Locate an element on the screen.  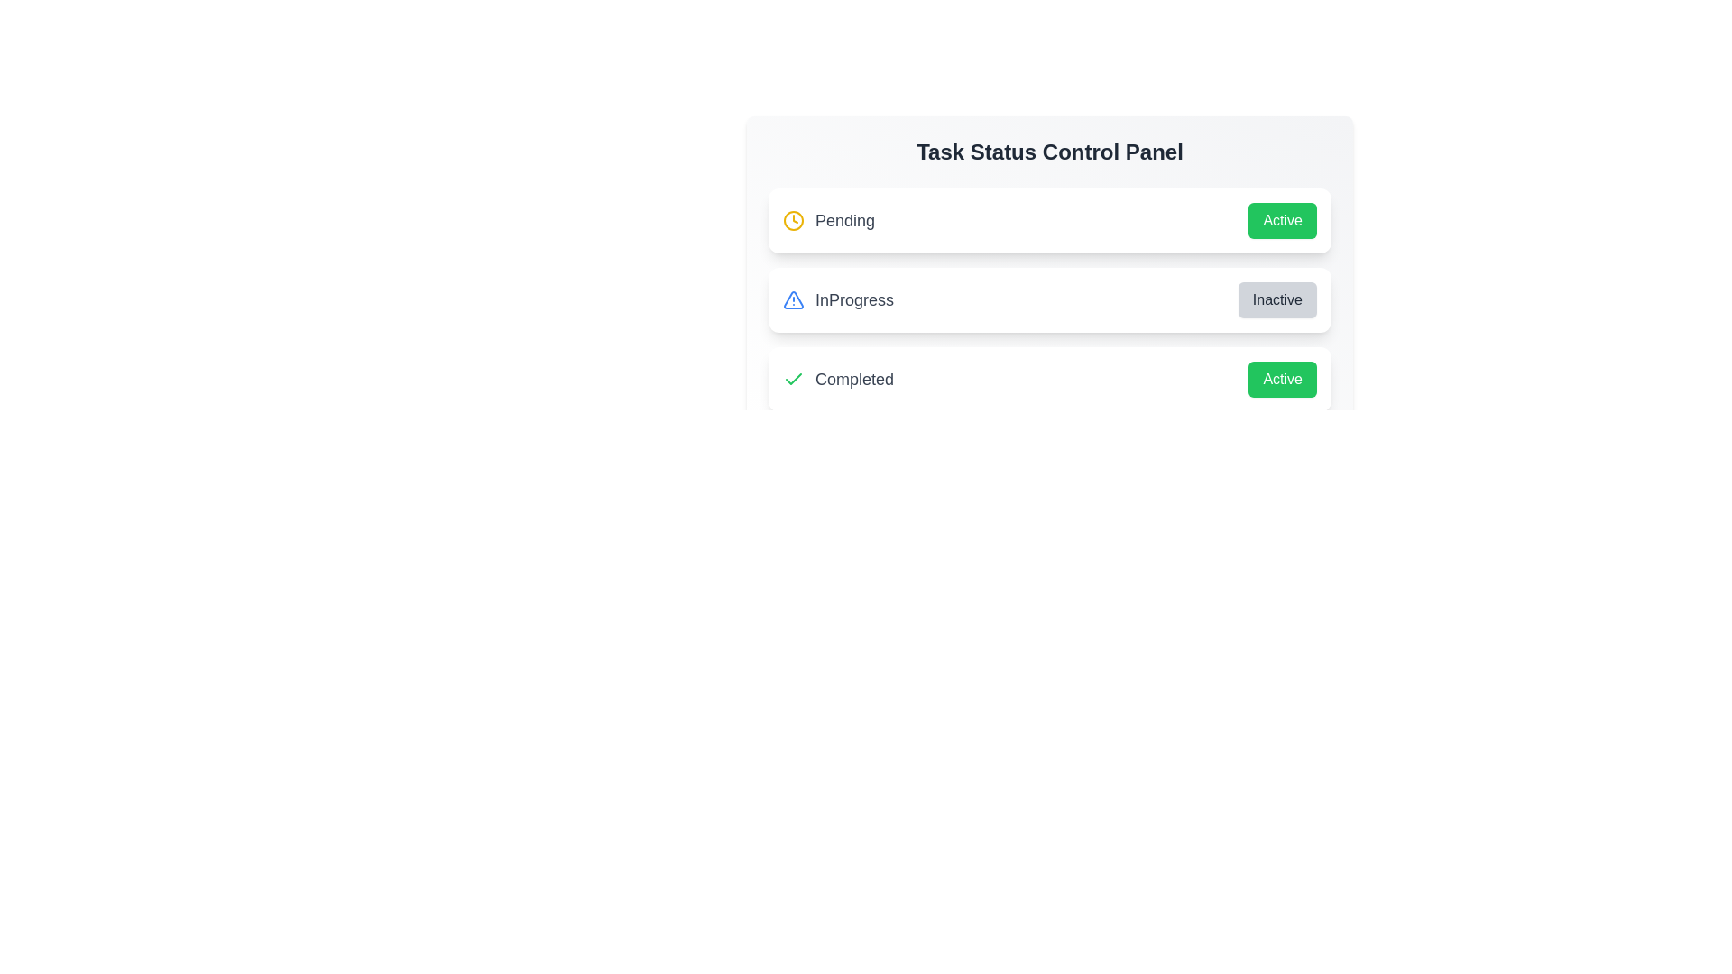
the icon for the task status InProgress is located at coordinates (793, 299).